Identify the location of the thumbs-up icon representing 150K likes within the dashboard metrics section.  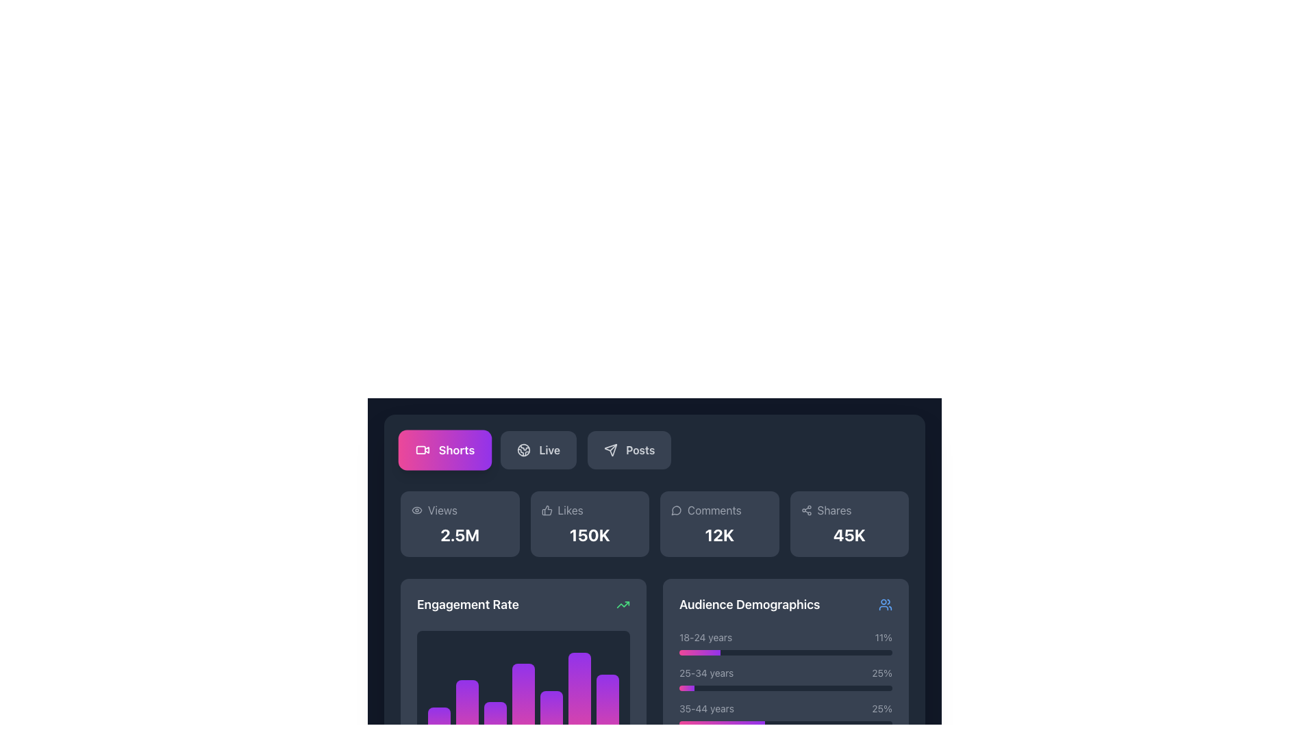
(546, 510).